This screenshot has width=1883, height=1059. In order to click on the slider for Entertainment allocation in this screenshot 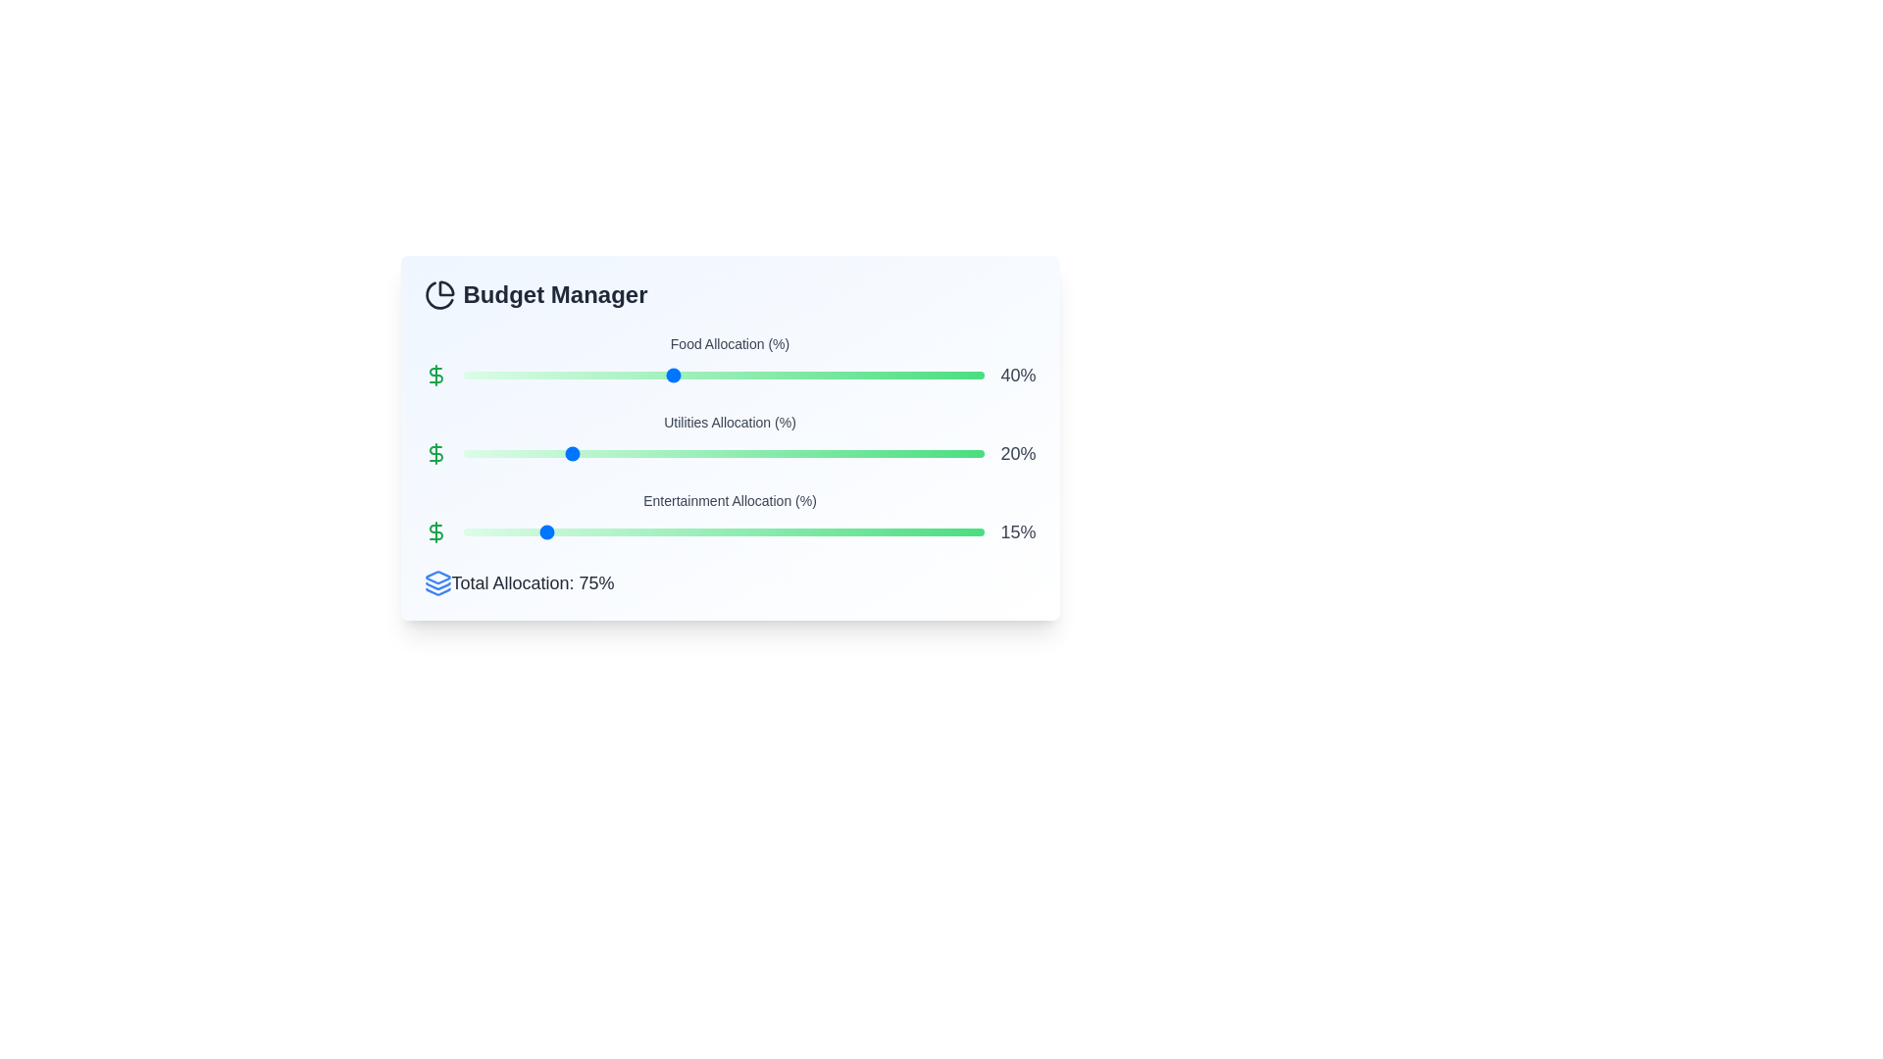, I will do `click(723, 532)`.